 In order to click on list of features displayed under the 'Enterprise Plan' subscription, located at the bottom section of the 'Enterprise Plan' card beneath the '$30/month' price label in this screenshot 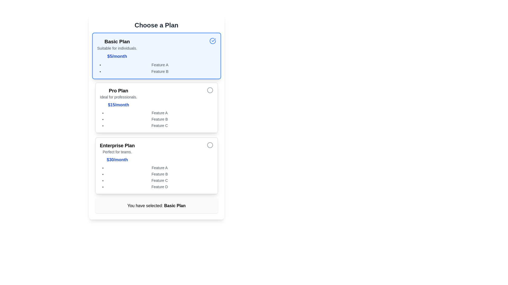, I will do `click(156, 177)`.